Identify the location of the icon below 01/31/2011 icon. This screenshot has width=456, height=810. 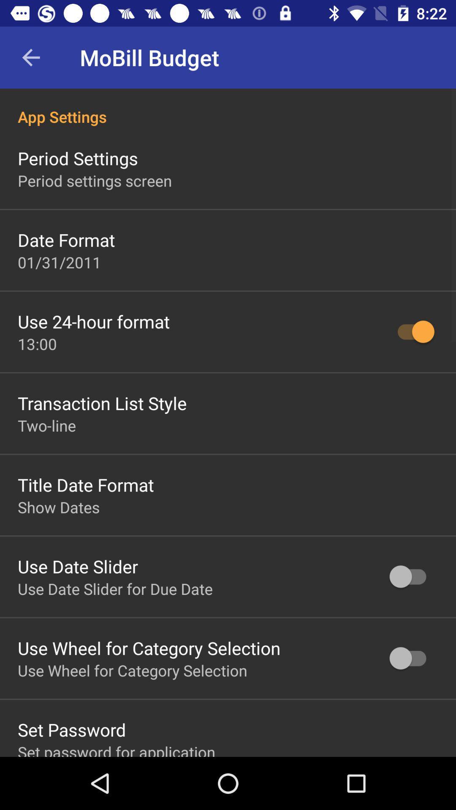
(94, 321).